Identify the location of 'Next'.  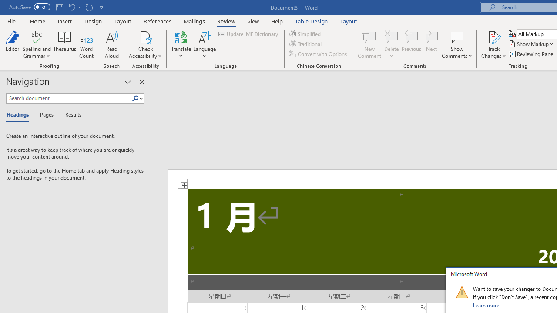
(432, 45).